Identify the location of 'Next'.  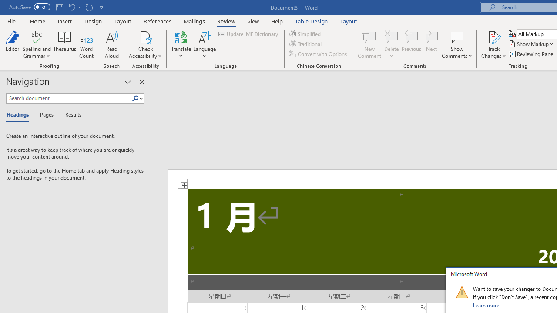
(432, 45).